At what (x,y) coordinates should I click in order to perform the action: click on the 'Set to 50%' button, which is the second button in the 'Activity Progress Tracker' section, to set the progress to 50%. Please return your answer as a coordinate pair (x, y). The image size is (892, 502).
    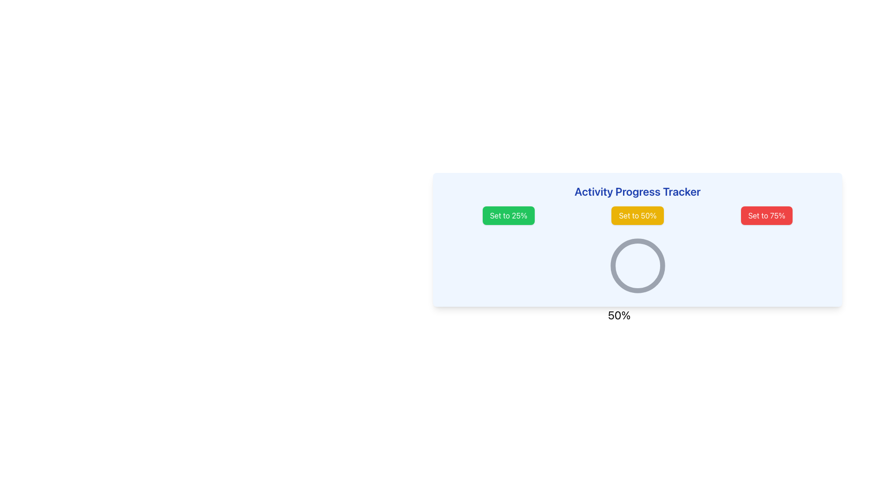
    Looking at the image, I should click on (637, 215).